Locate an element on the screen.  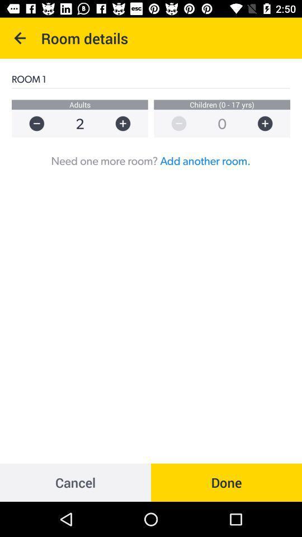
decrease number is located at coordinates (31, 124).